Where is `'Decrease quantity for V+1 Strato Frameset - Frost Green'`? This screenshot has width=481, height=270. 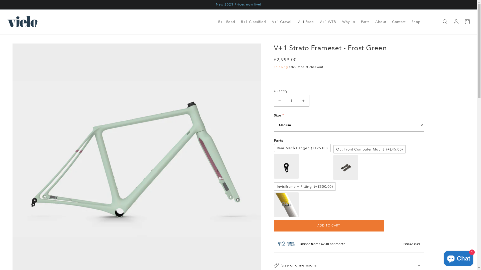 'Decrease quantity for V+1 Strato Frameset - Frost Green' is located at coordinates (274, 100).